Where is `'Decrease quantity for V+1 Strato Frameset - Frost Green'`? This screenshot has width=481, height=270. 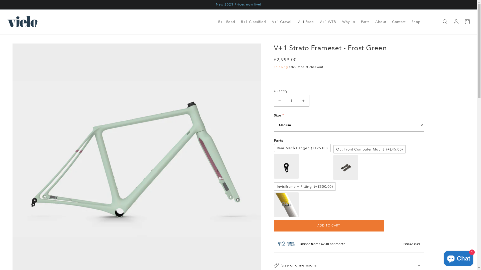 'Decrease quantity for V+1 Strato Frameset - Frost Green' is located at coordinates (274, 100).